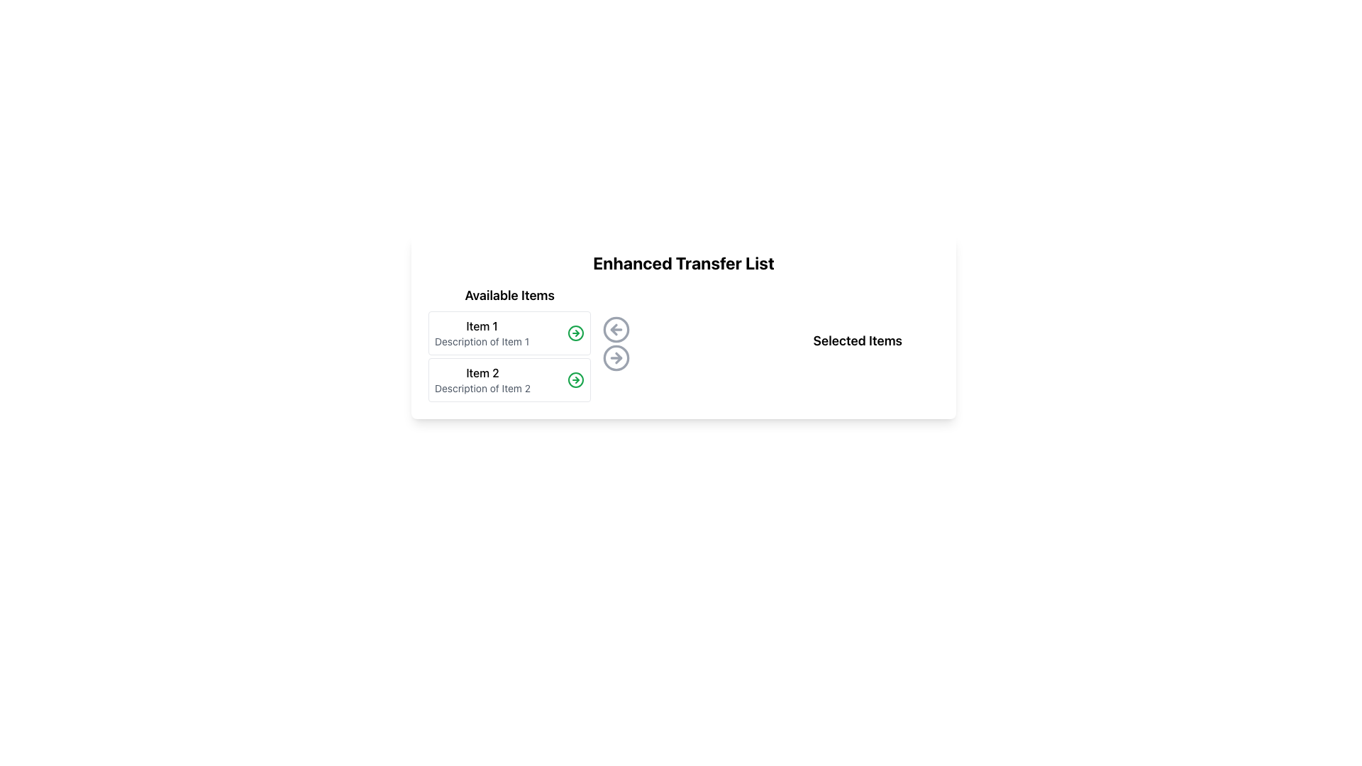 The width and height of the screenshot is (1362, 766). Describe the element at coordinates (509, 379) in the screenshot. I see `the keyboard shortcut` at that location.